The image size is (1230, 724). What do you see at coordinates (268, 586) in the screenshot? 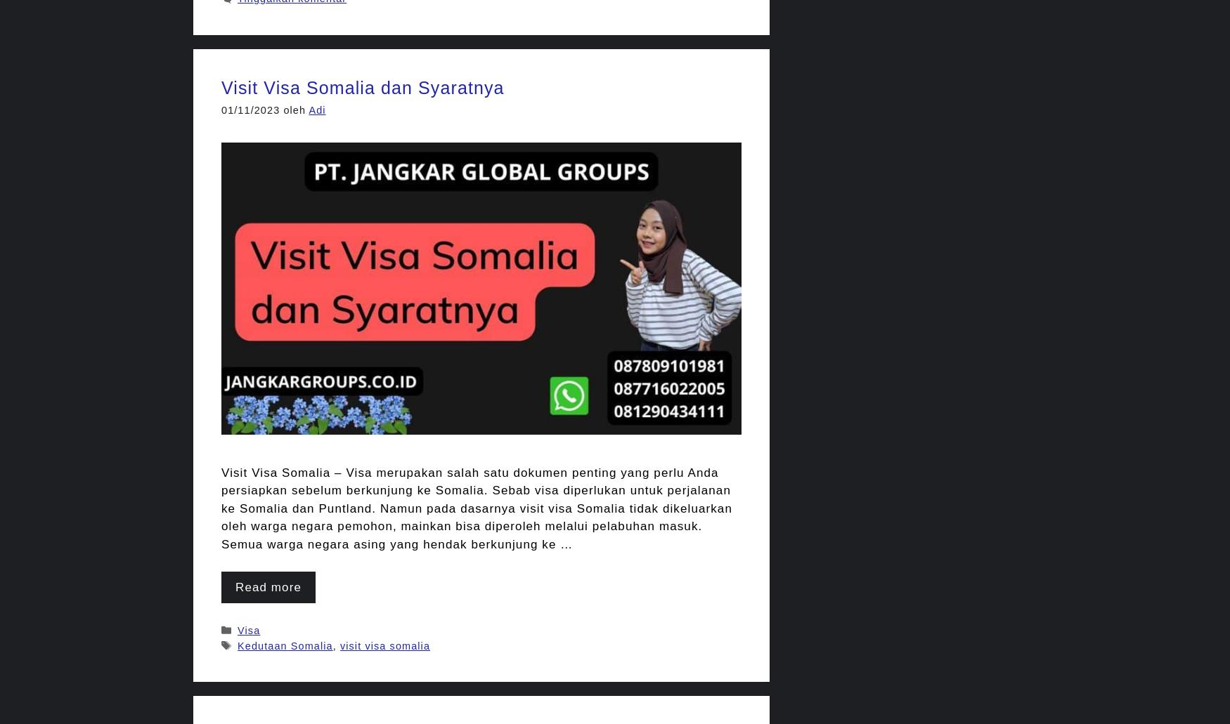
I see `'Read more'` at bounding box center [268, 586].